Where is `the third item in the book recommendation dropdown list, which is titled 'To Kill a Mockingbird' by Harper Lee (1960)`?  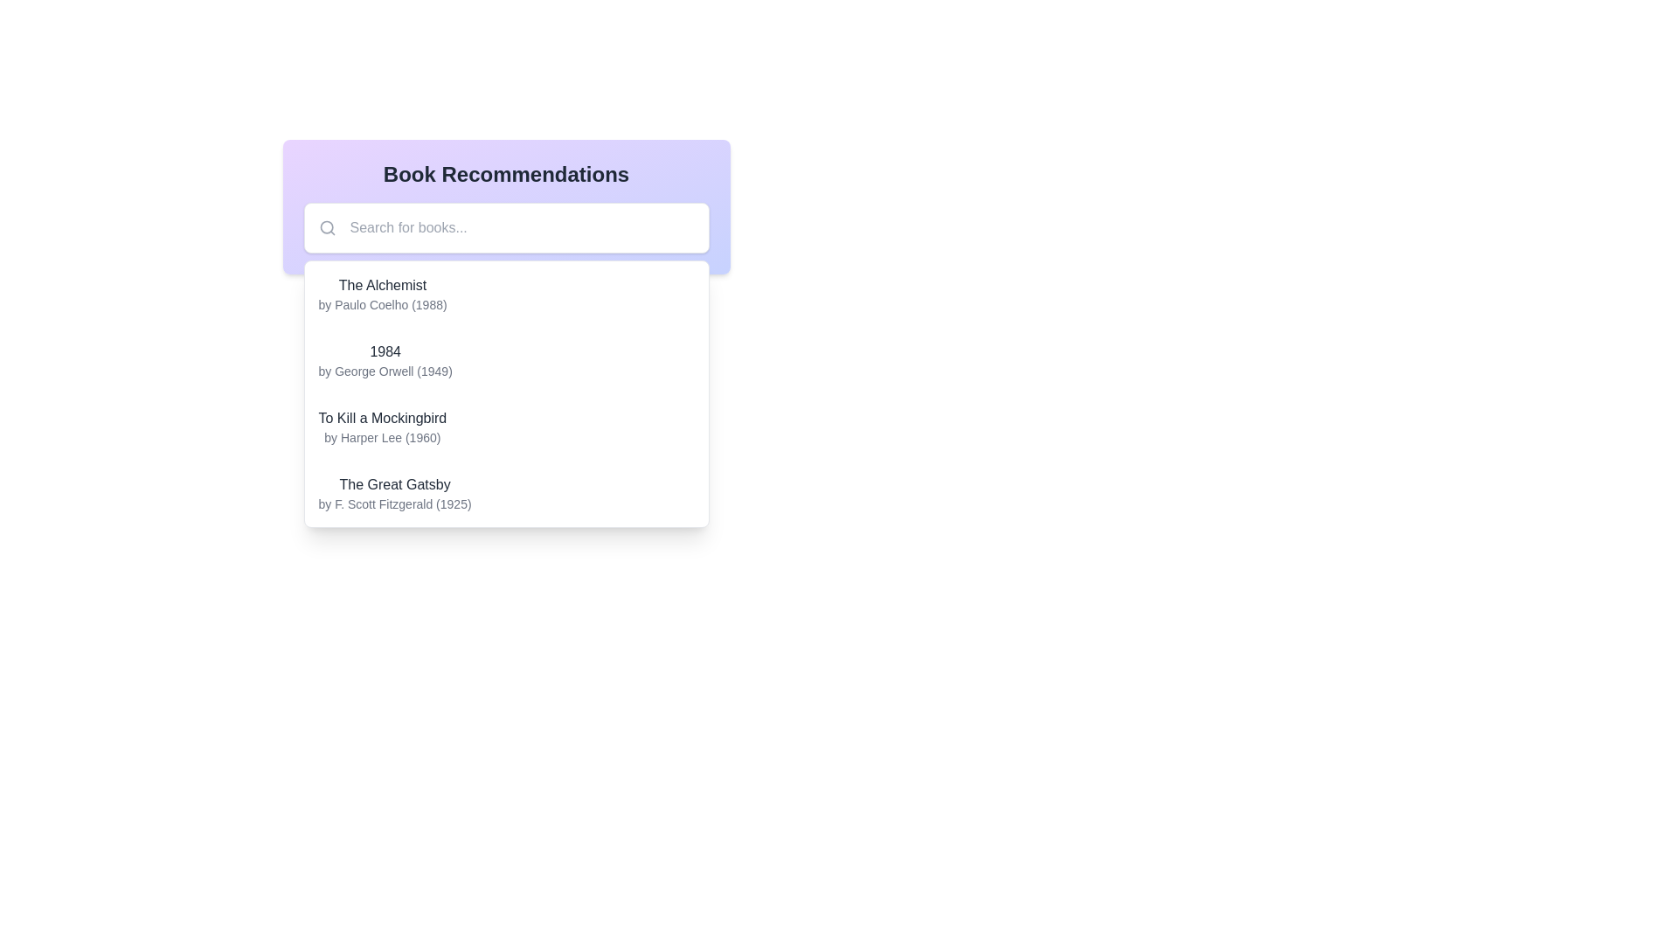 the third item in the book recommendation dropdown list, which is titled 'To Kill a Mockingbird' by Harper Lee (1960) is located at coordinates (505, 427).